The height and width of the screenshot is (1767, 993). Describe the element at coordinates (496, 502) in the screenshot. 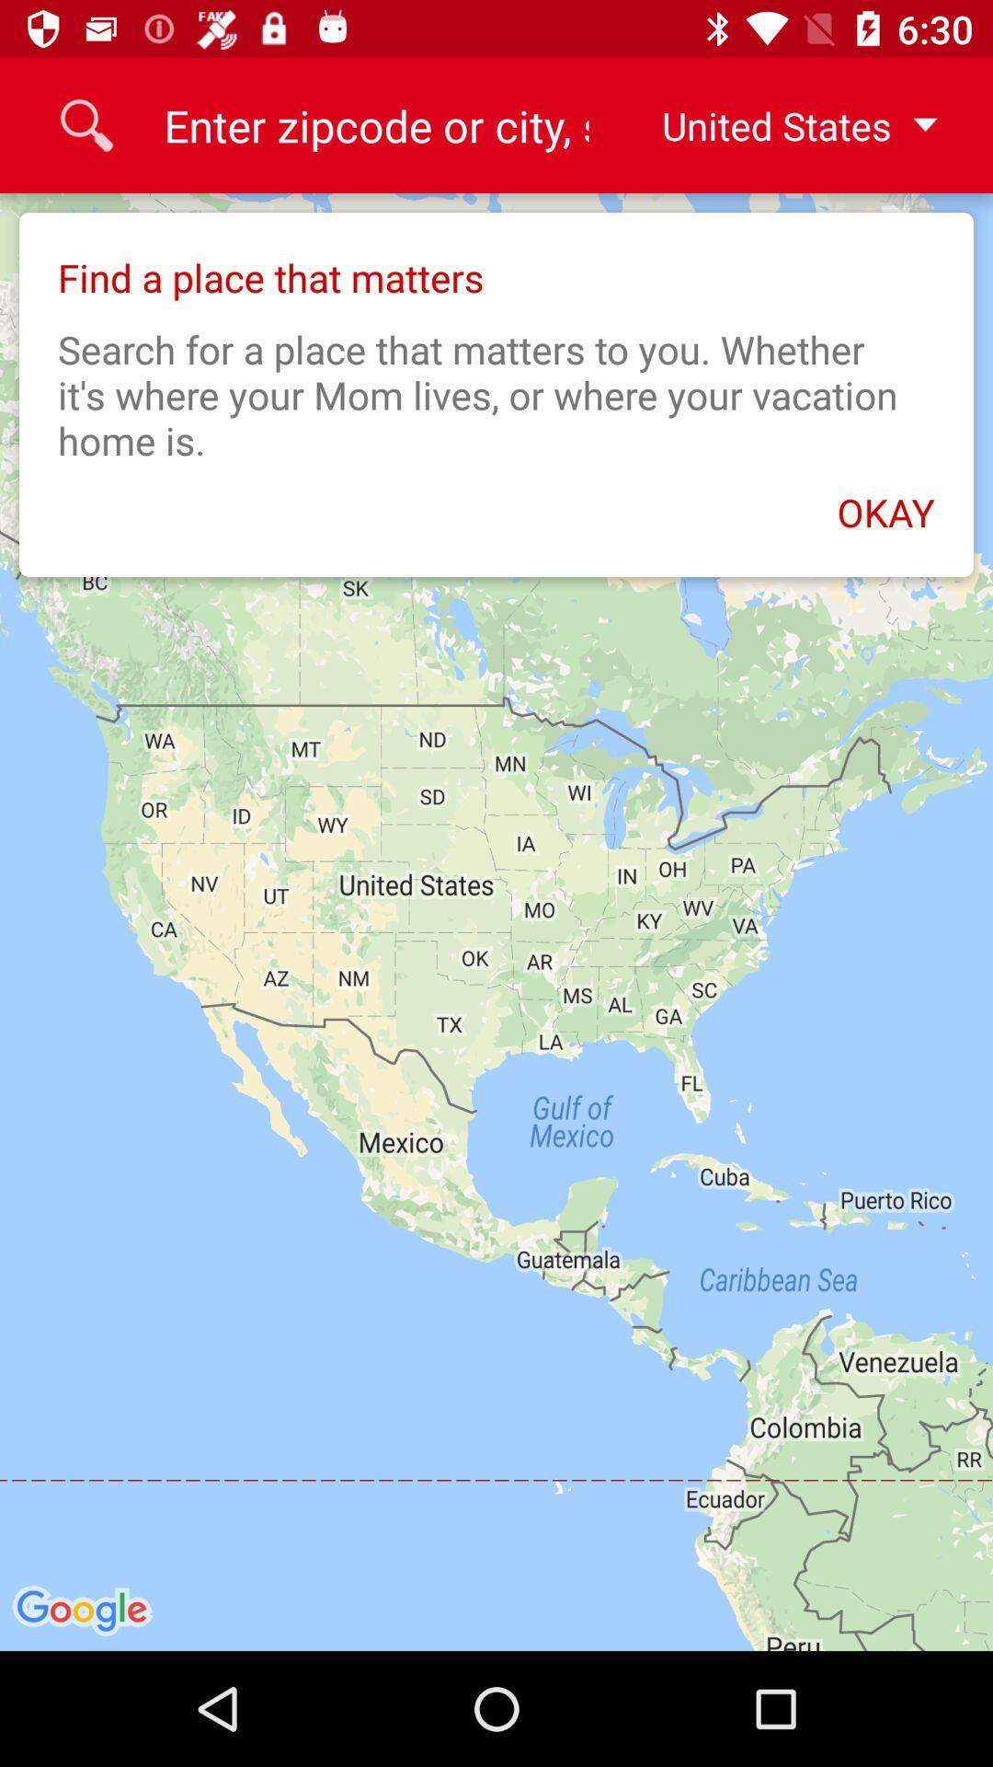

I see `okay item` at that location.